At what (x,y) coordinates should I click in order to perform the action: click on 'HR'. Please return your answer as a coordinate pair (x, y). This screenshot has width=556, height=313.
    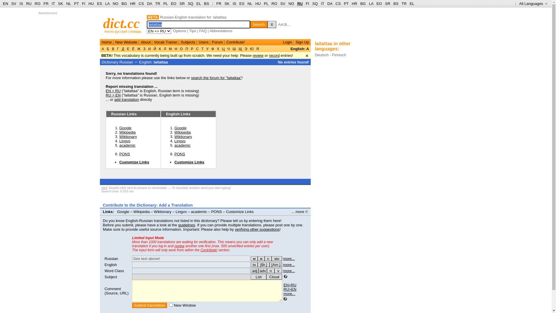
    Looking at the image, I should click on (132, 3).